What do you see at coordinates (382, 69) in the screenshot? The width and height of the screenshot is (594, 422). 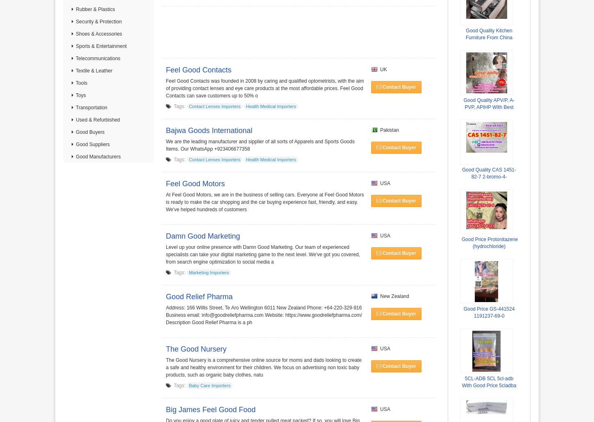 I see `'UK'` at bounding box center [382, 69].